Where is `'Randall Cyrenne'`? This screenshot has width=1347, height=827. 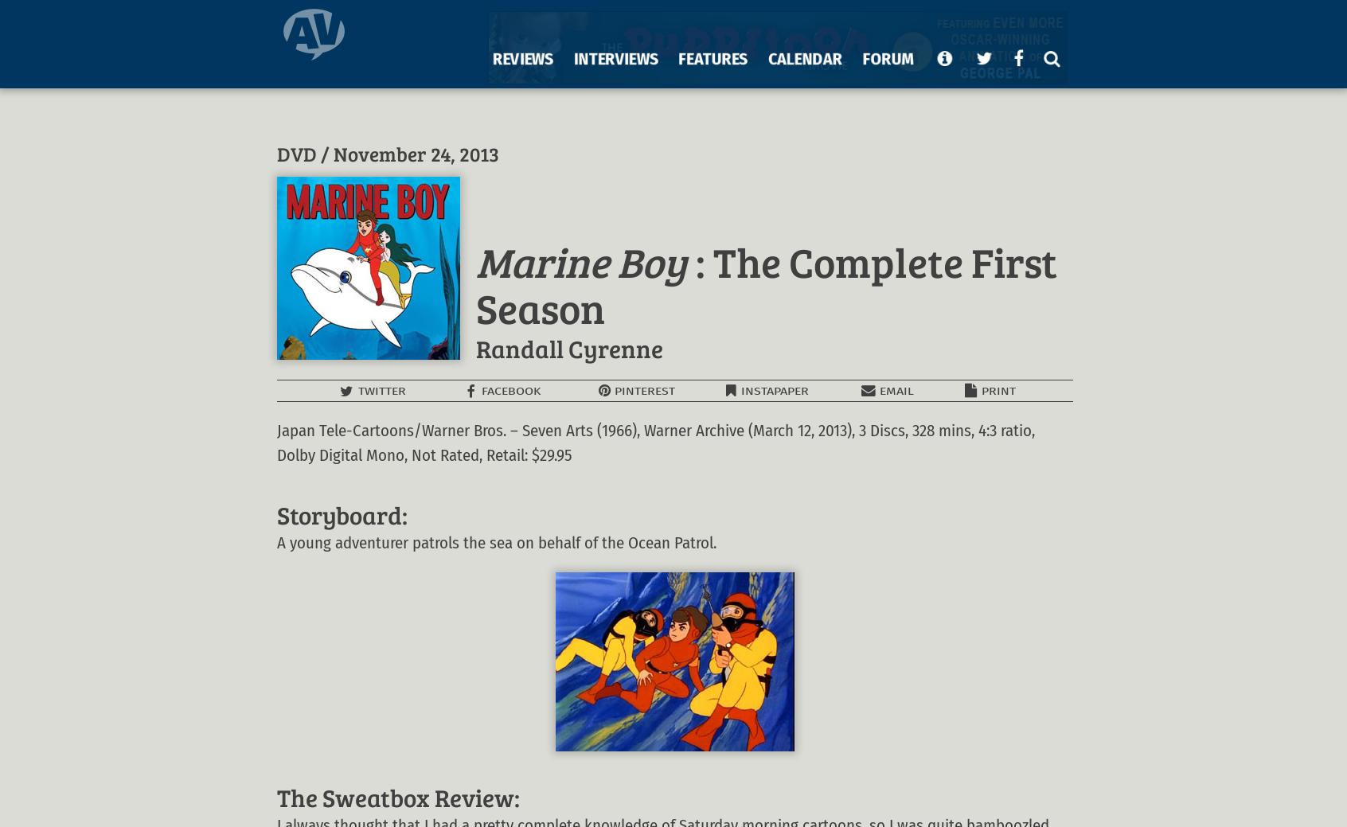 'Randall Cyrenne' is located at coordinates (568, 346).